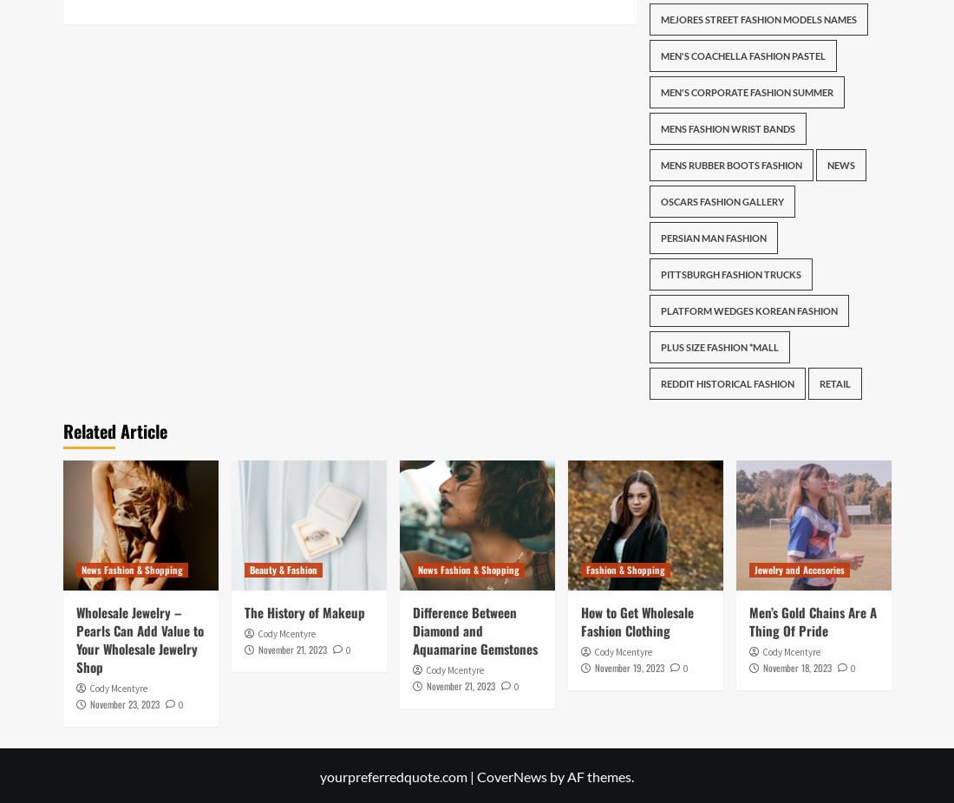 The image size is (954, 803). I want to click on 'November 18, 2023', so click(796, 667).